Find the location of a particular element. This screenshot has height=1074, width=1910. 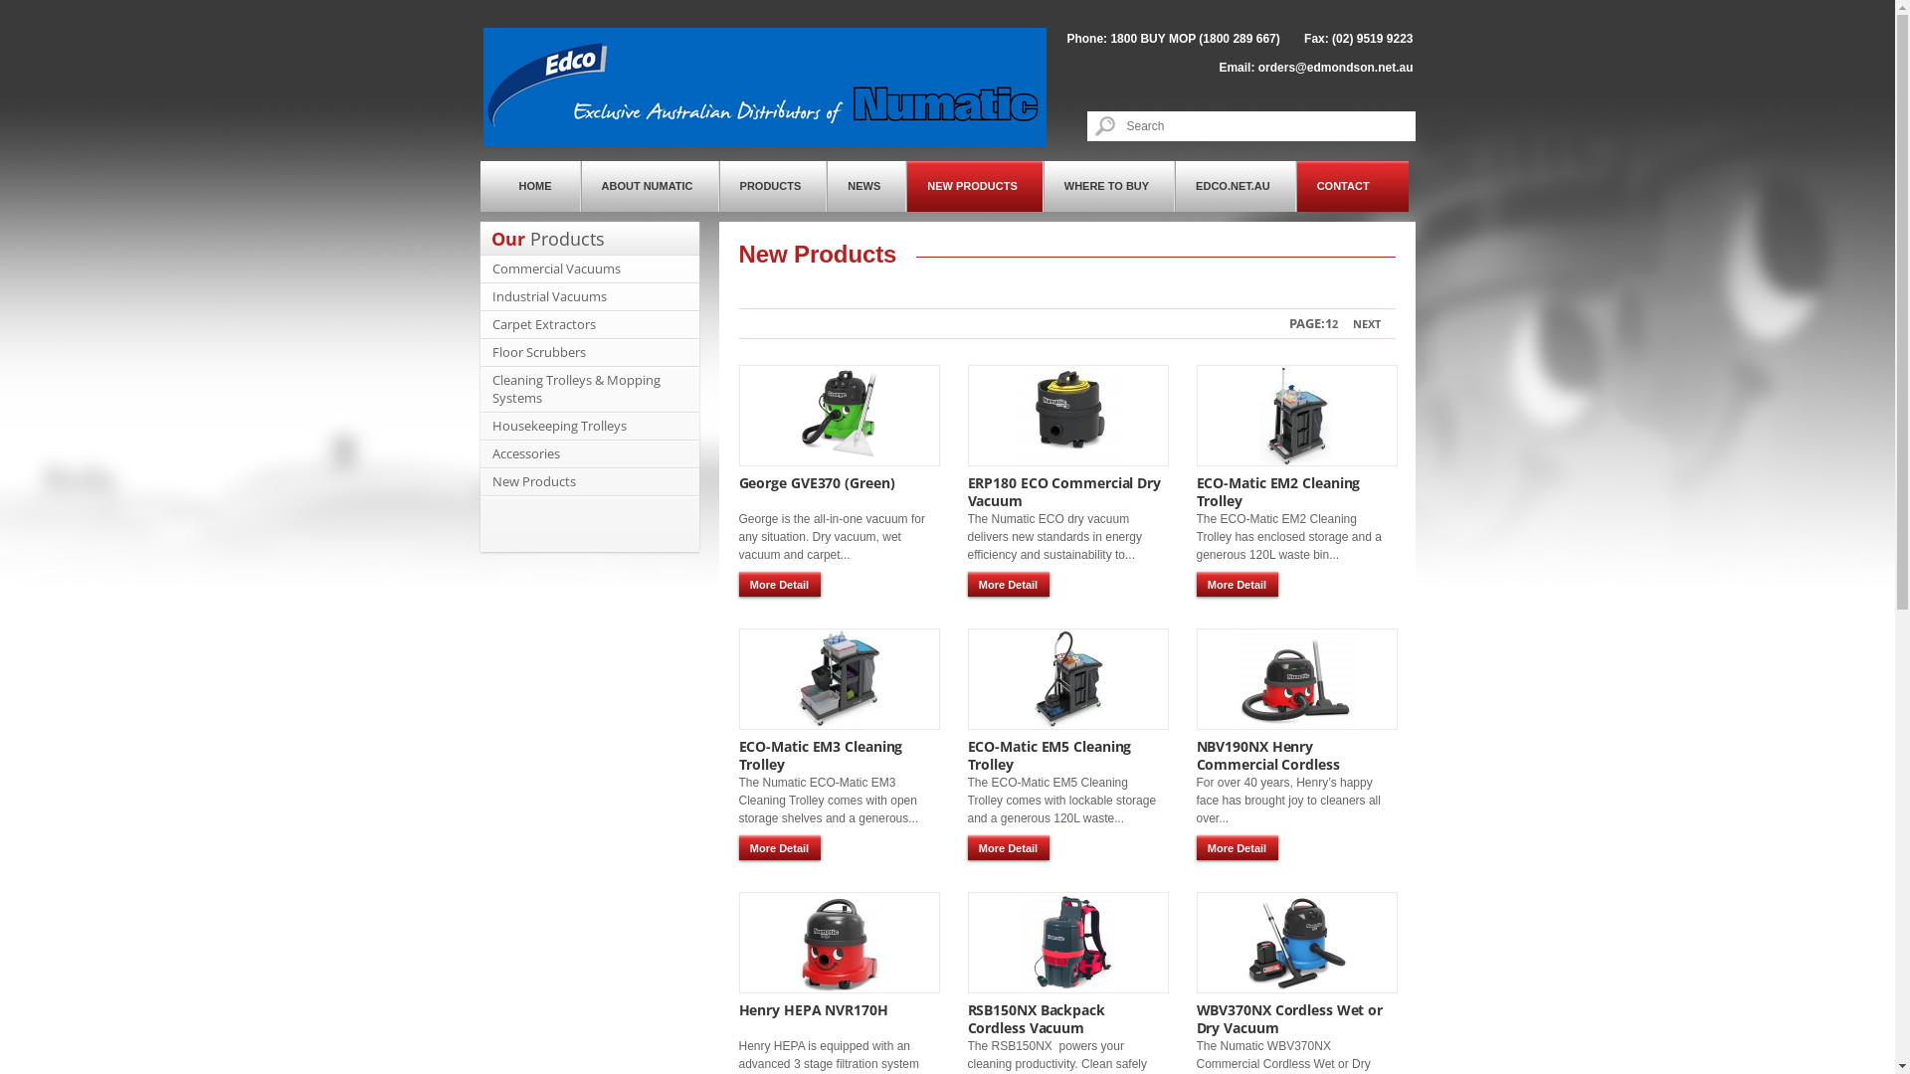

'HOME' is located at coordinates (529, 186).